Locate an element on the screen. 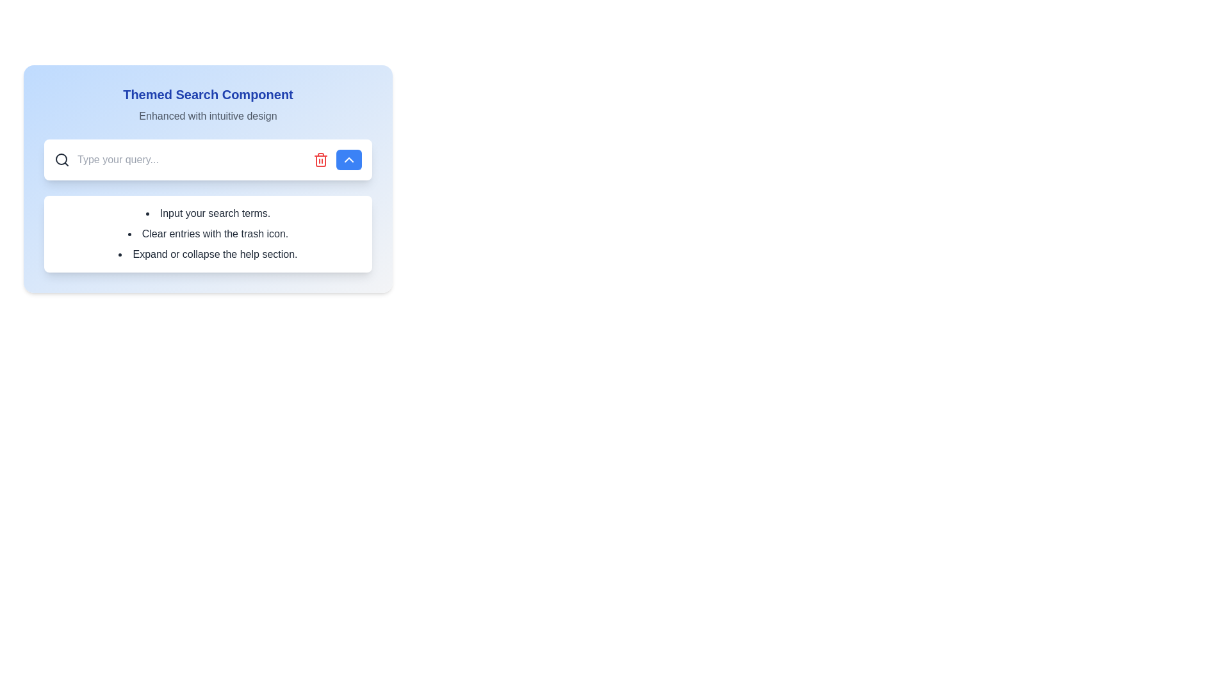  the main body of the trash bin icon located within the SVG structure of the search bar, which is positioned centrally among its siblings is located at coordinates (320, 160).